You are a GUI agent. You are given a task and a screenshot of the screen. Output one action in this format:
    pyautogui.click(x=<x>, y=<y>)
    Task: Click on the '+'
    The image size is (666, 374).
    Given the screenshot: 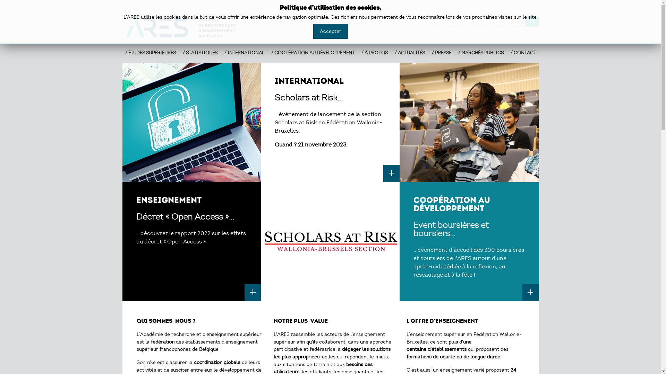 What is the action you would take?
    pyautogui.click(x=522, y=292)
    